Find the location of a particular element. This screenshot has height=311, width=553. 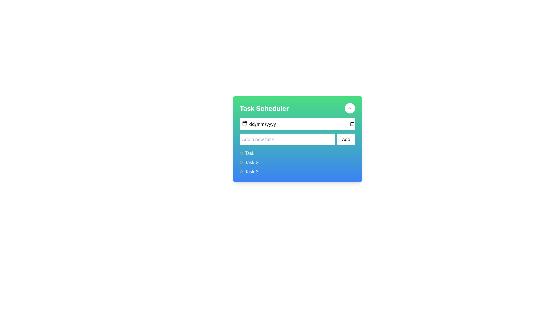

on the second task entry labeled 'Task 2' in the task scheduler list, which is positioned between 'Task 1' and 'Task 3' is located at coordinates (297, 162).